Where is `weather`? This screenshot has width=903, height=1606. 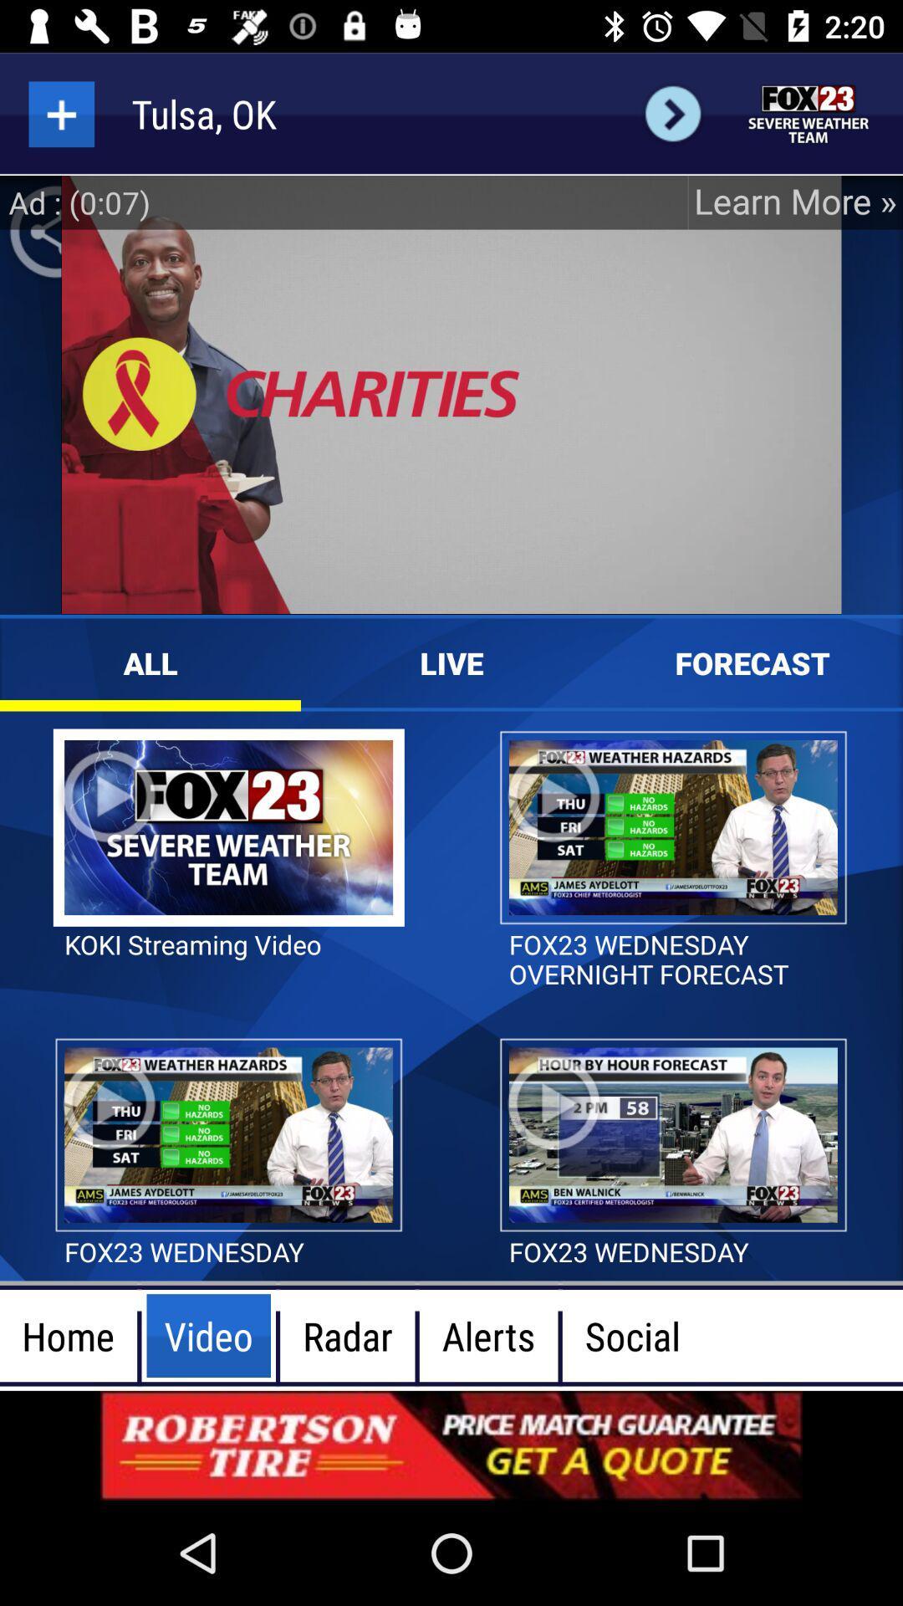
weather is located at coordinates (809, 113).